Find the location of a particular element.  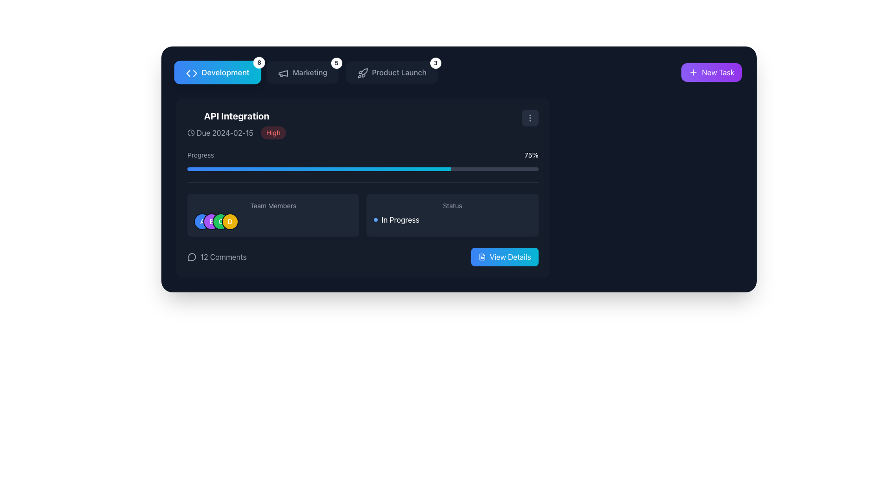

the text label that describes the progress indicator for the API Integration section to possibly reveal additional information is located at coordinates (200, 155).